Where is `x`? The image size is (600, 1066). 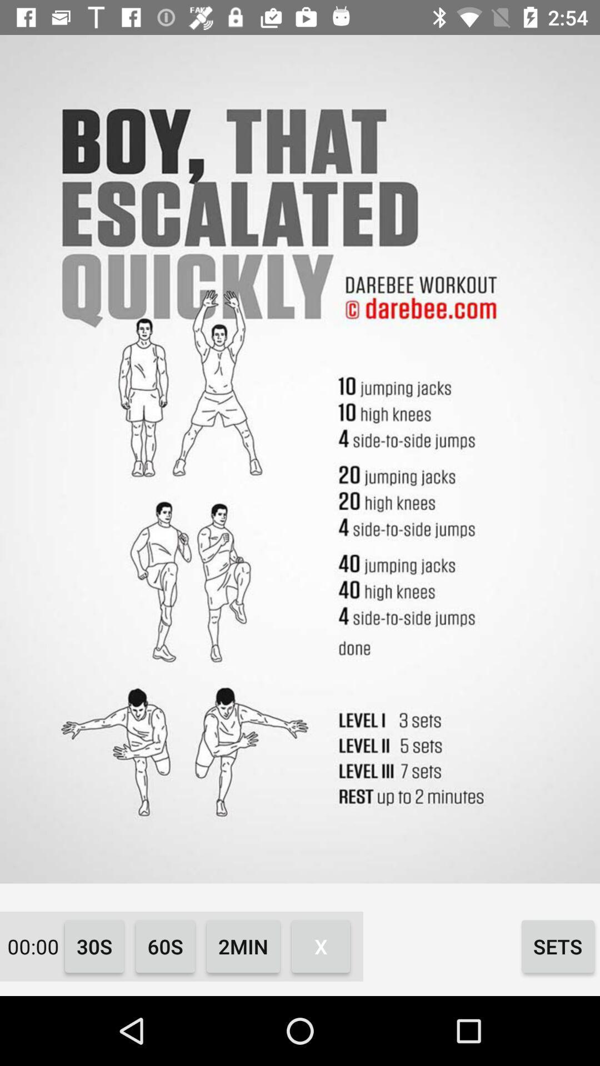 x is located at coordinates (321, 946).